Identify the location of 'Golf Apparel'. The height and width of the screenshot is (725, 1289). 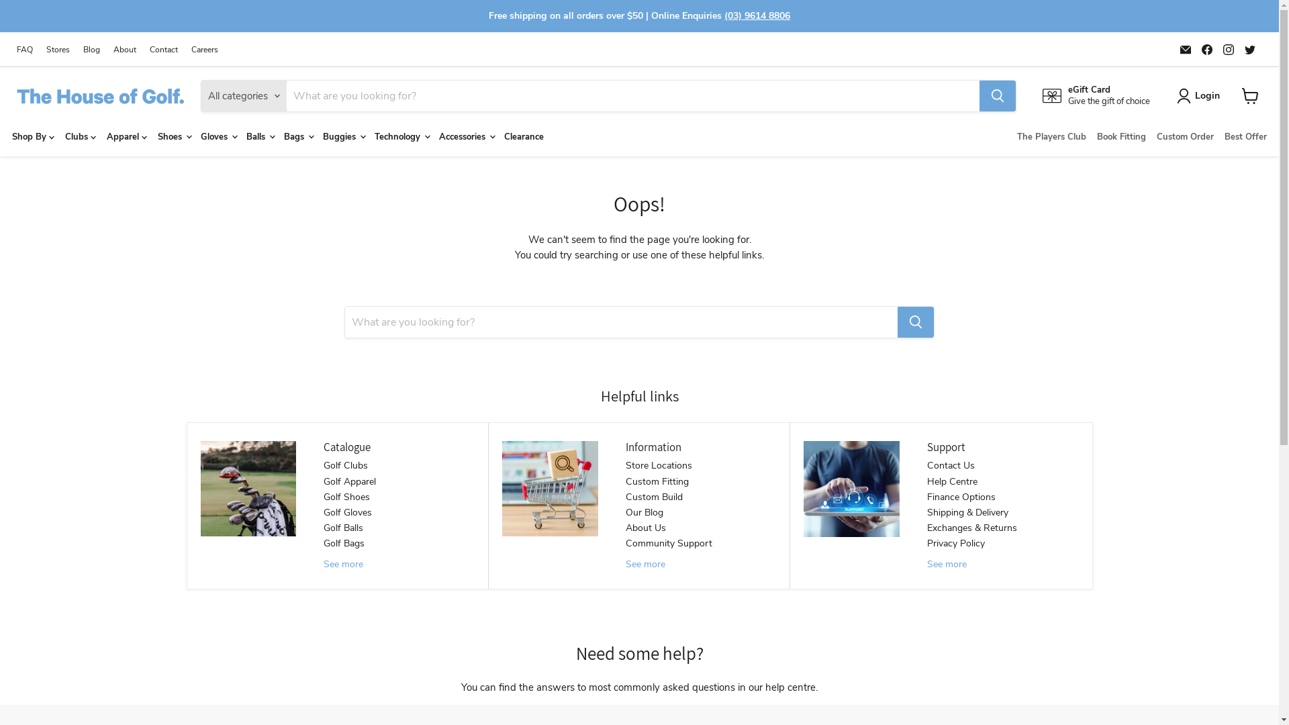
(350, 481).